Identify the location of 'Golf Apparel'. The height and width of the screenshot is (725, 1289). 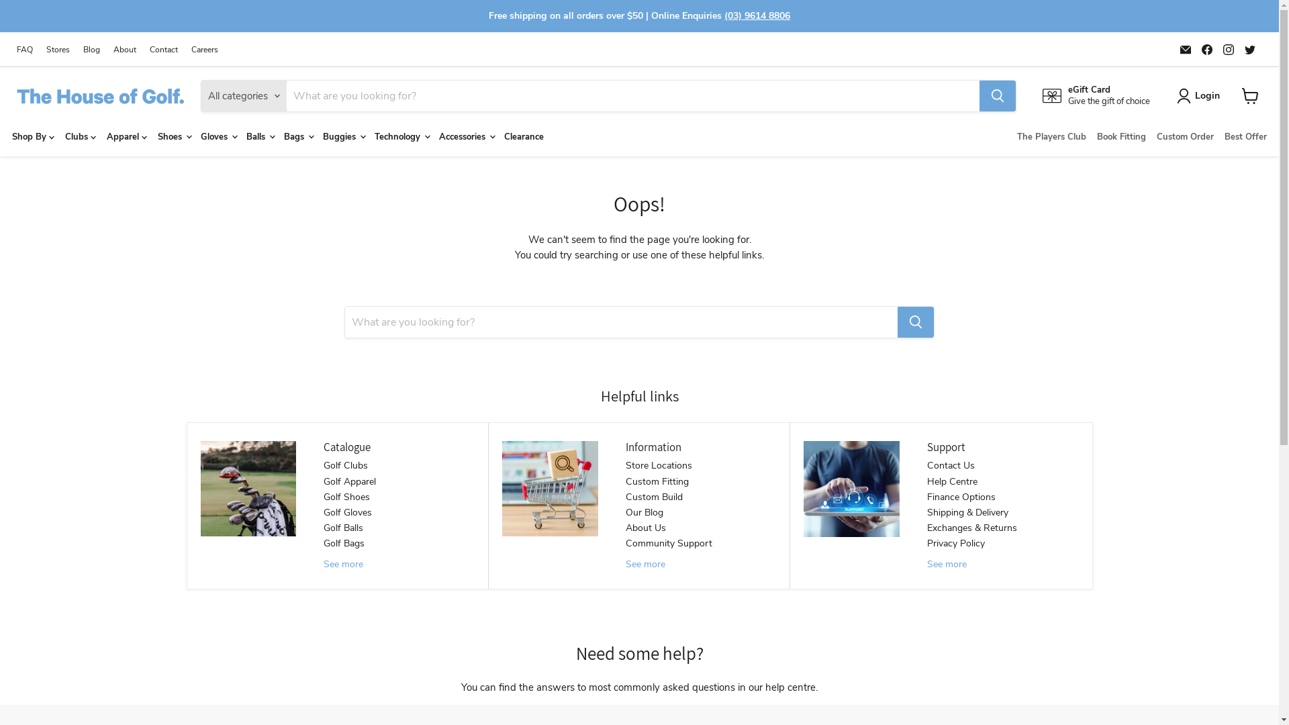
(350, 481).